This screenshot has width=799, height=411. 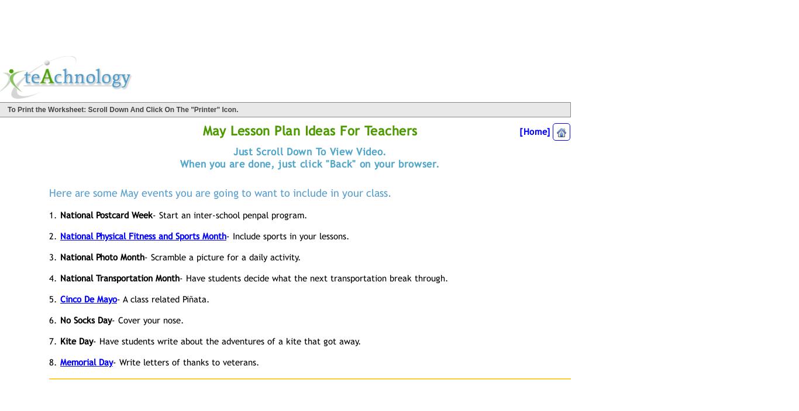 What do you see at coordinates (101, 256) in the screenshot?
I see `'National Photo Month'` at bounding box center [101, 256].